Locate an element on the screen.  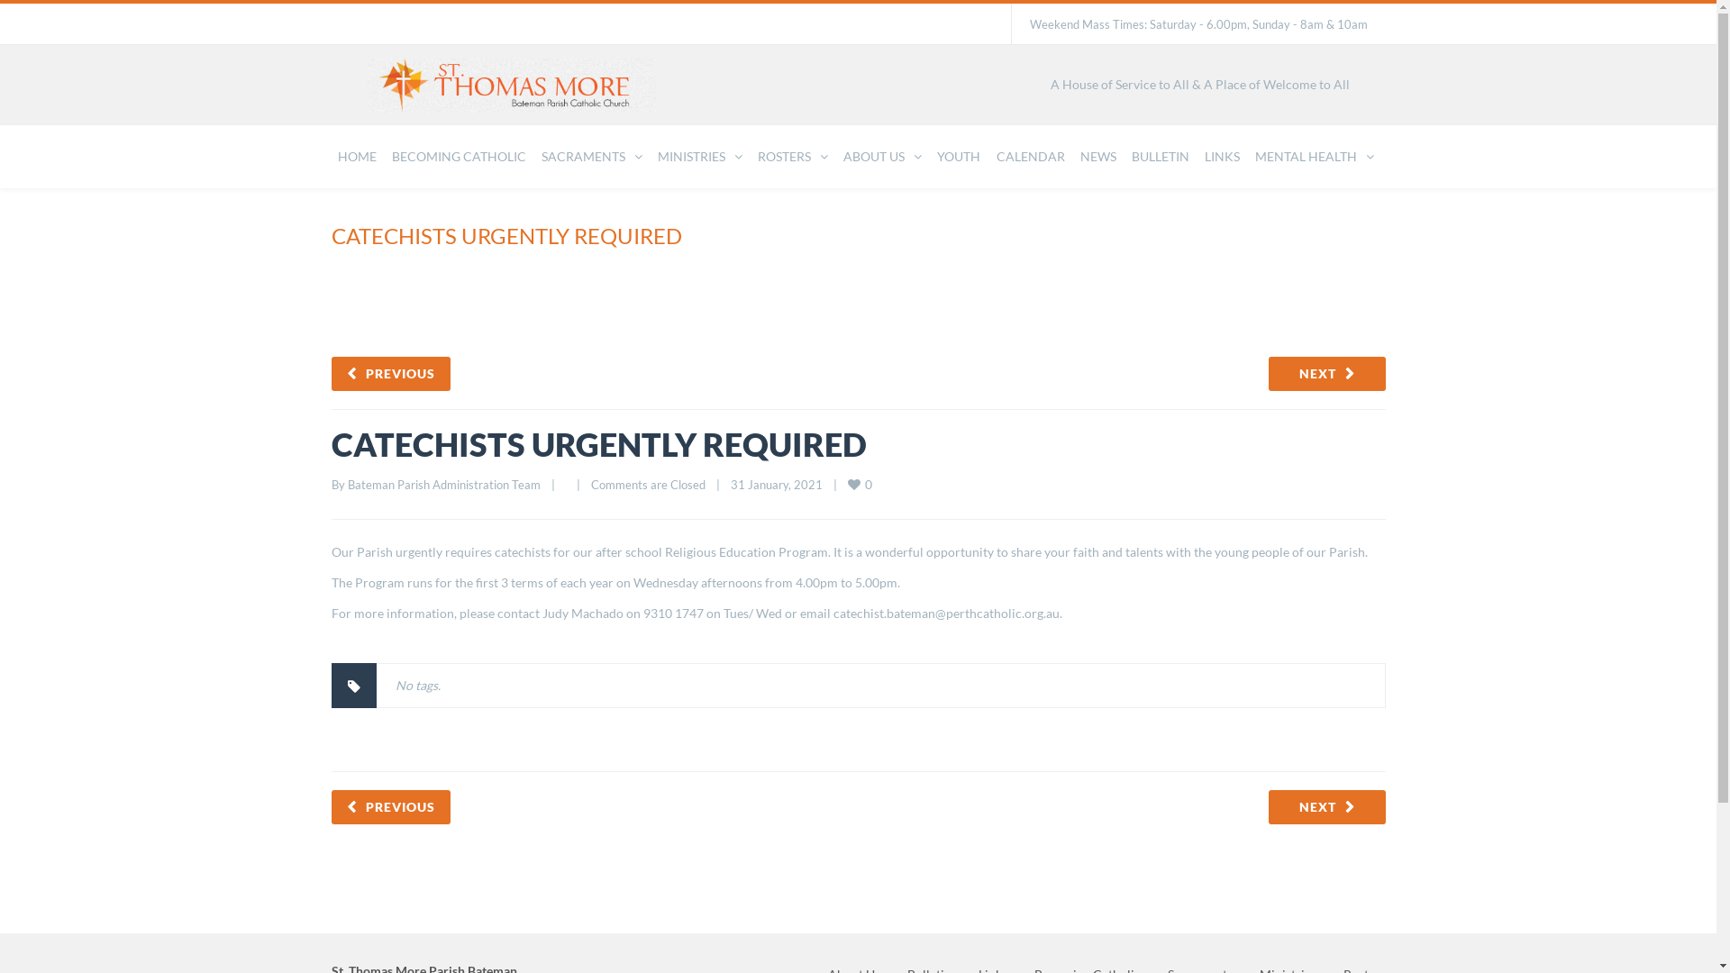
'BECOMING CATHOLIC' is located at coordinates (391, 155).